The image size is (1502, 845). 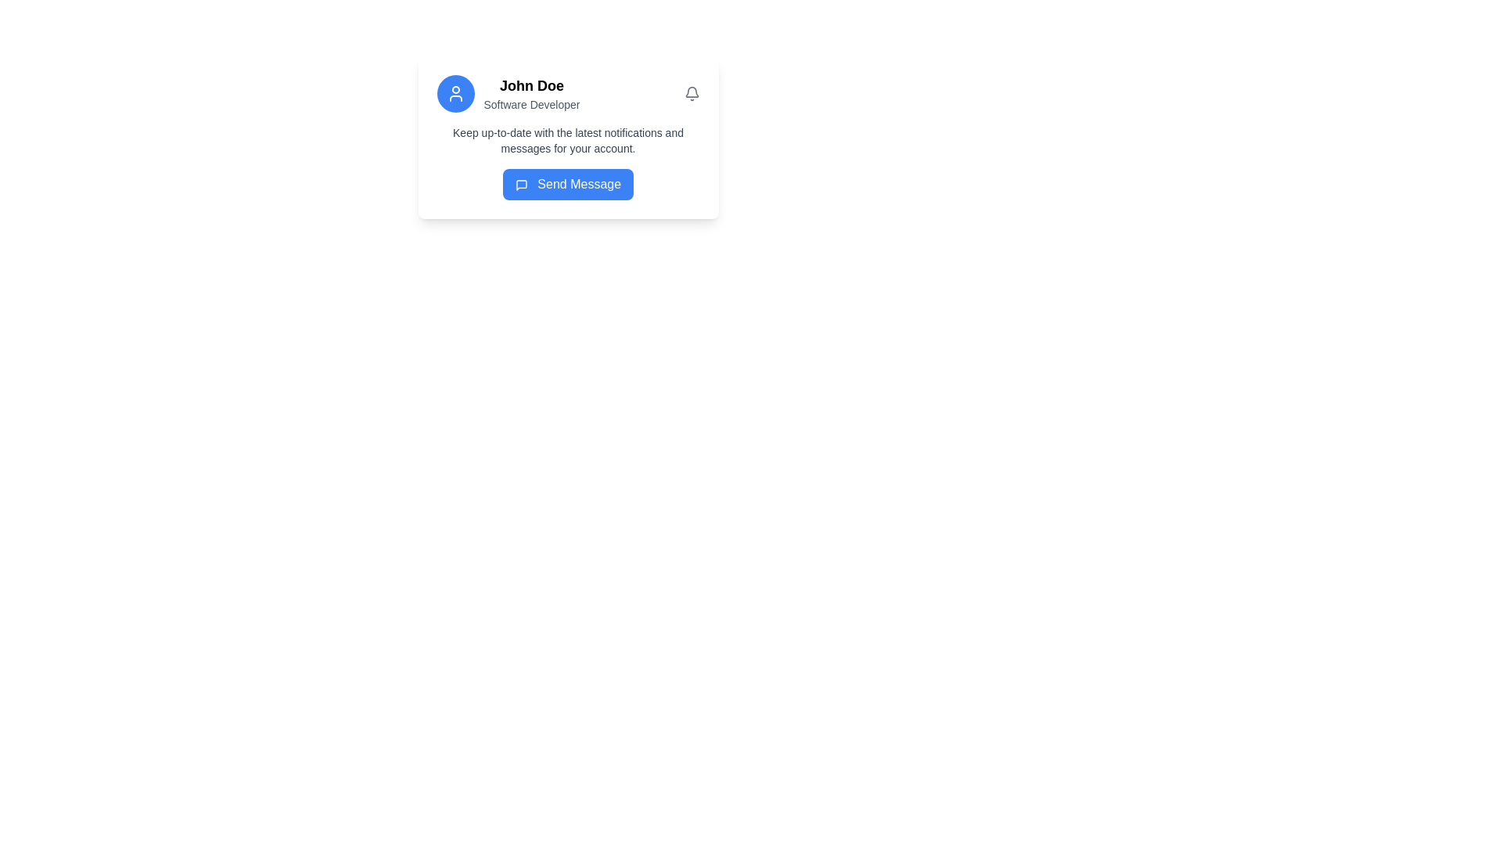 What do you see at coordinates (455, 93) in the screenshot?
I see `the Circular Avatar Icon with a blue background and white user outline, located to the left of the text 'John Doe - Software Developer' in the card layout` at bounding box center [455, 93].